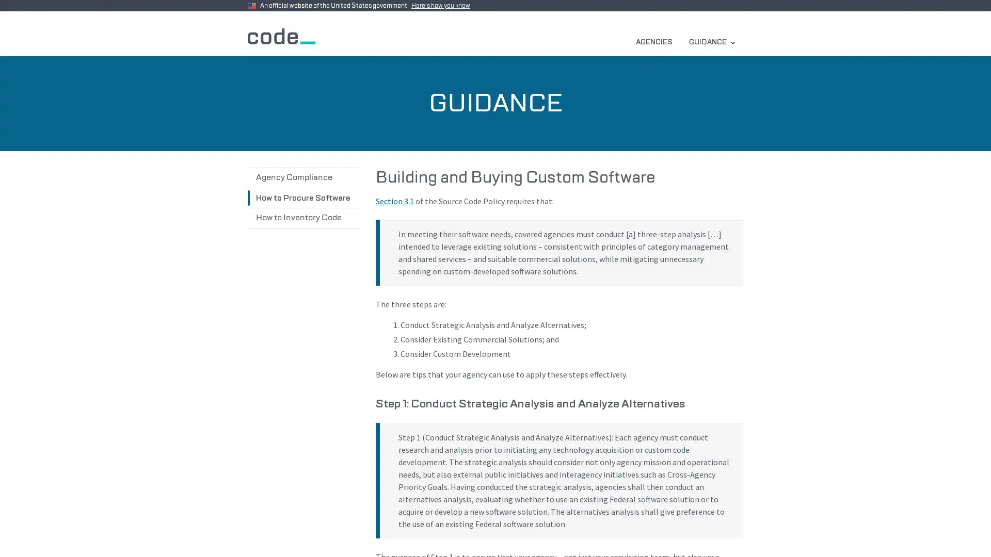 This screenshot has width=991, height=557. I want to click on Here's how you know, so click(443, 6).